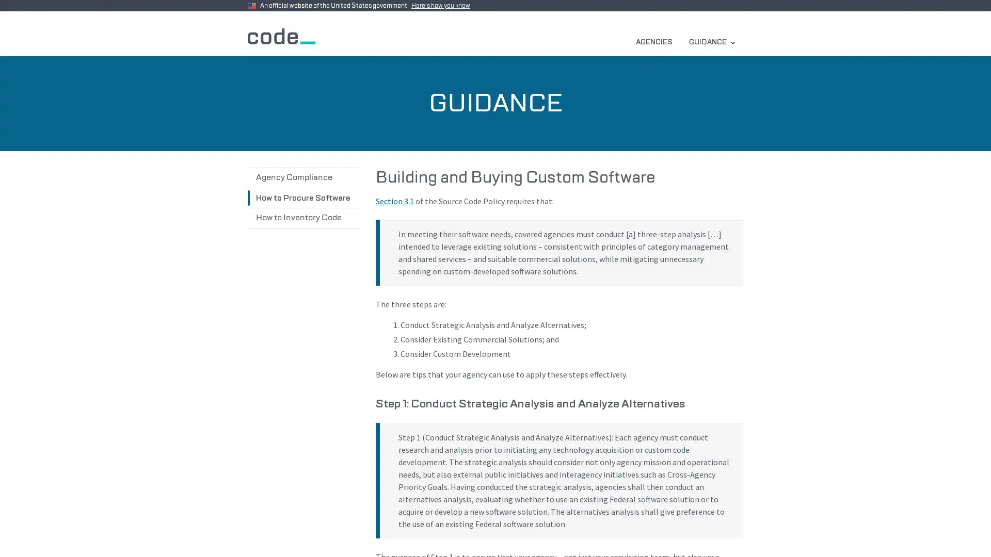 This screenshot has width=991, height=557. I want to click on Here's how you know, so click(443, 6).